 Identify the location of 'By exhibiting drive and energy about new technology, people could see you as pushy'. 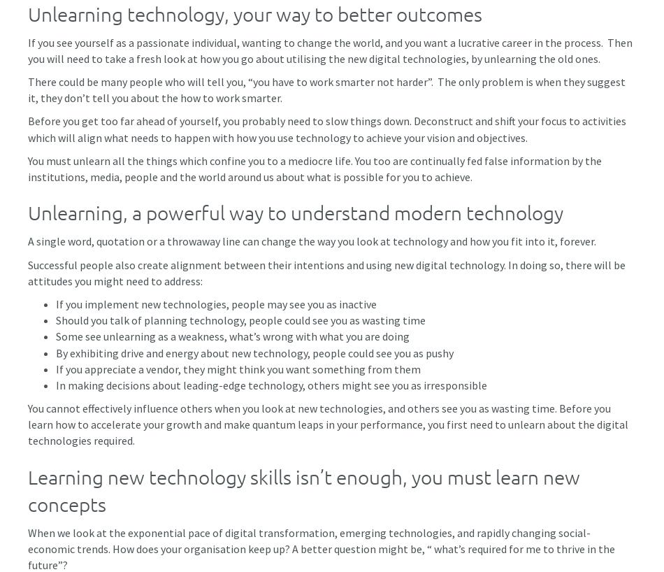
(55, 352).